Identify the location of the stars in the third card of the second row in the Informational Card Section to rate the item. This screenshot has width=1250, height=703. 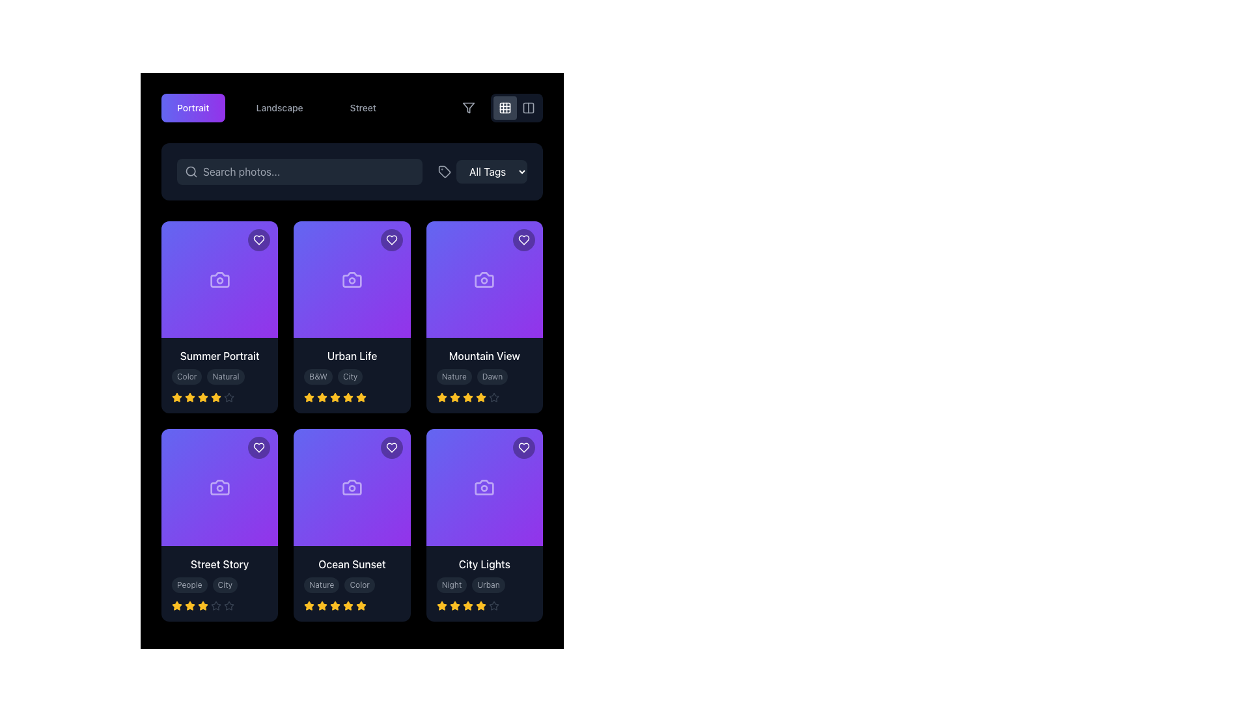
(219, 583).